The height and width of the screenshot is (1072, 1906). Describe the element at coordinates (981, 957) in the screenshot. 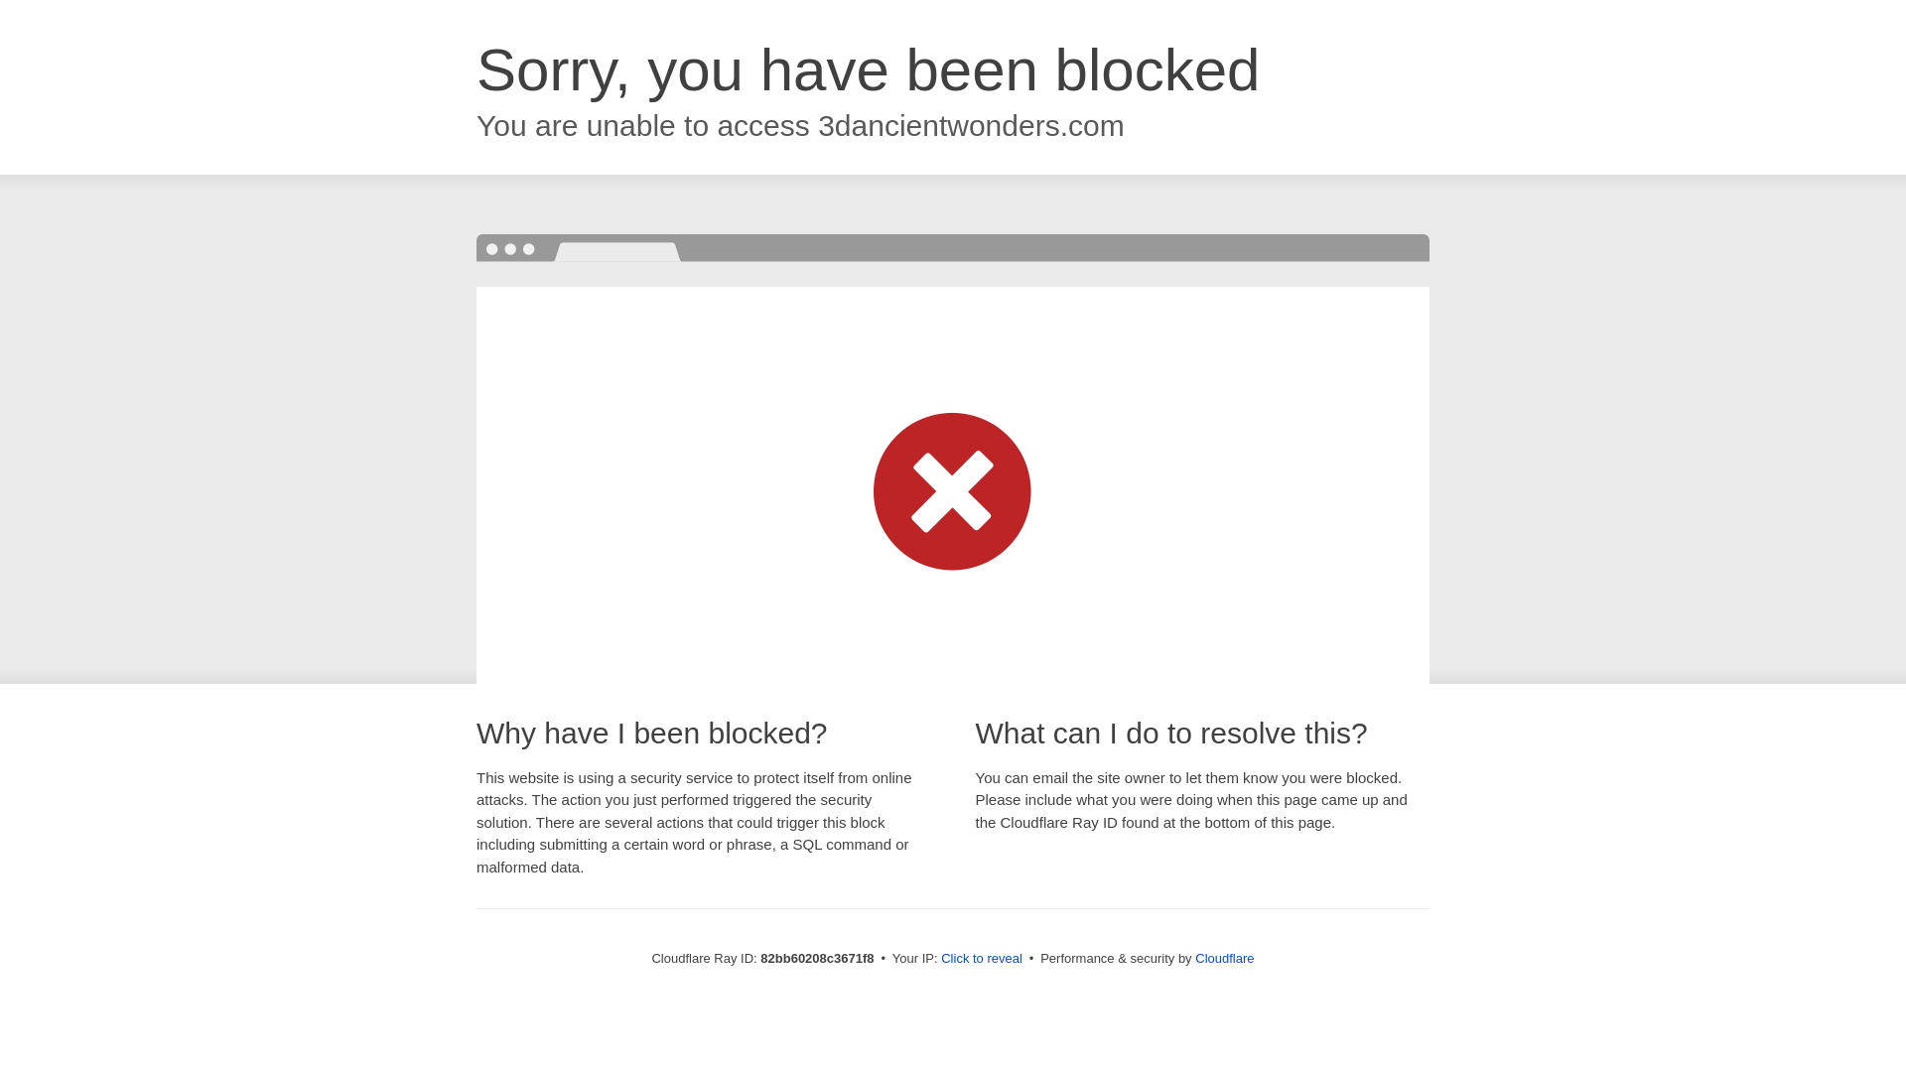

I see `'Click to reveal'` at that location.